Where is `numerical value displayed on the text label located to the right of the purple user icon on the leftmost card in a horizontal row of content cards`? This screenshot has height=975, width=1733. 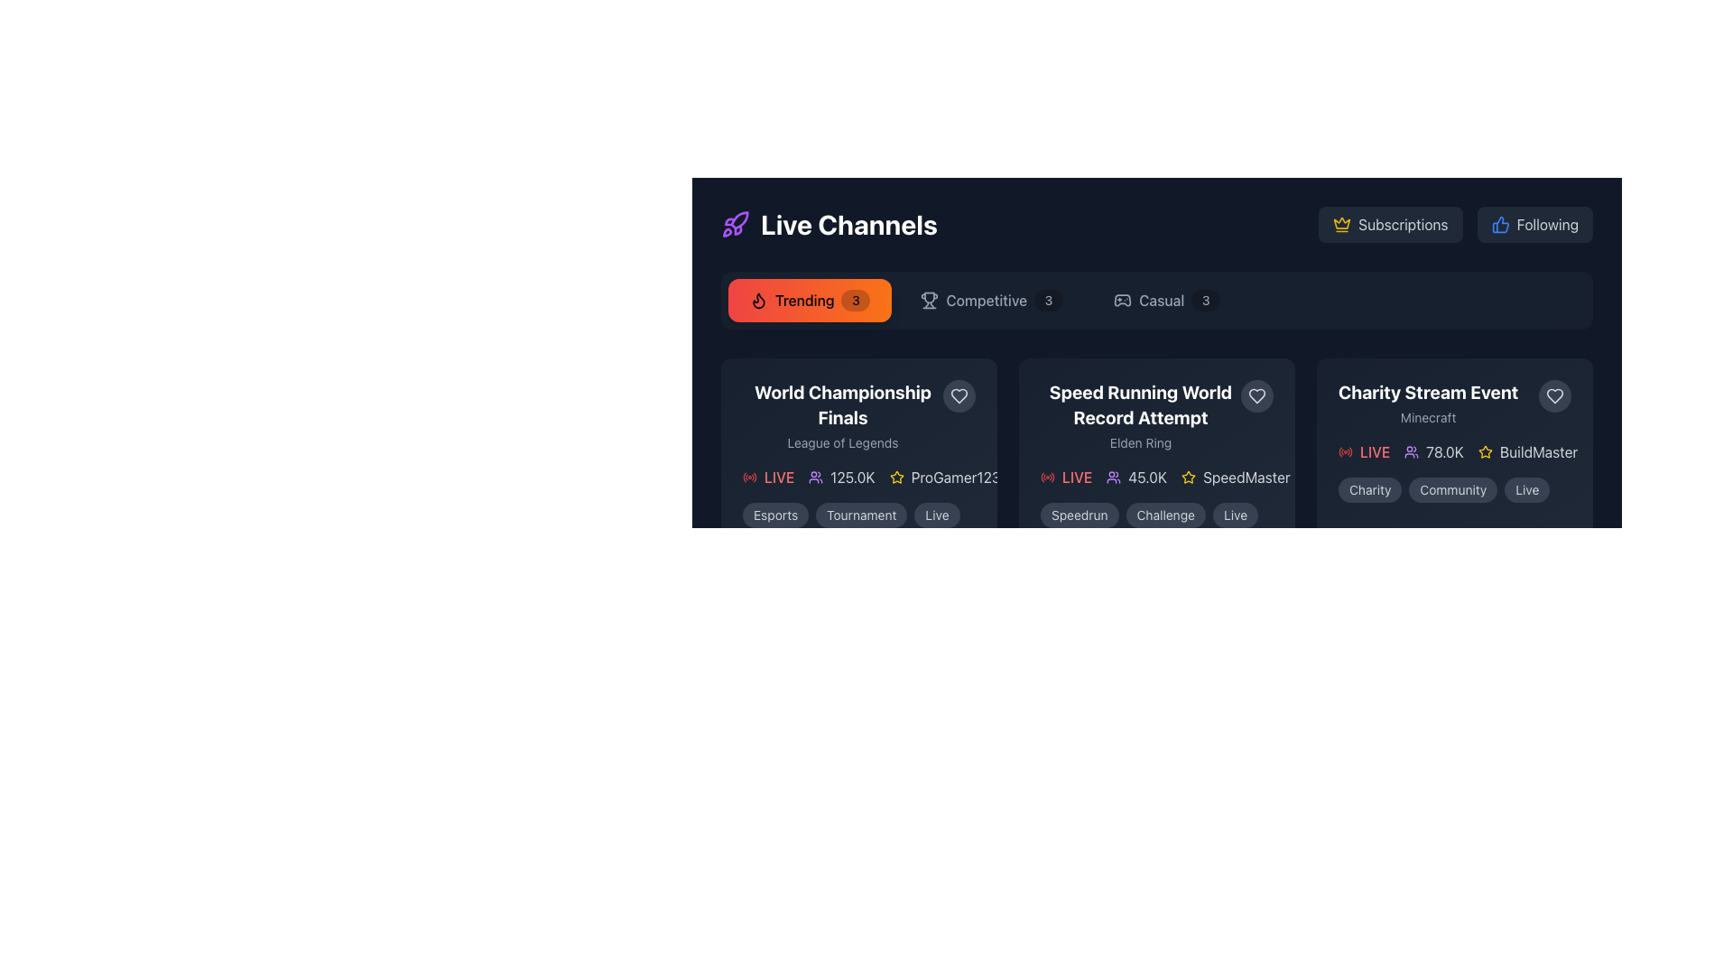
numerical value displayed on the text label located to the right of the purple user icon on the leftmost card in a horizontal row of content cards is located at coordinates (851, 476).